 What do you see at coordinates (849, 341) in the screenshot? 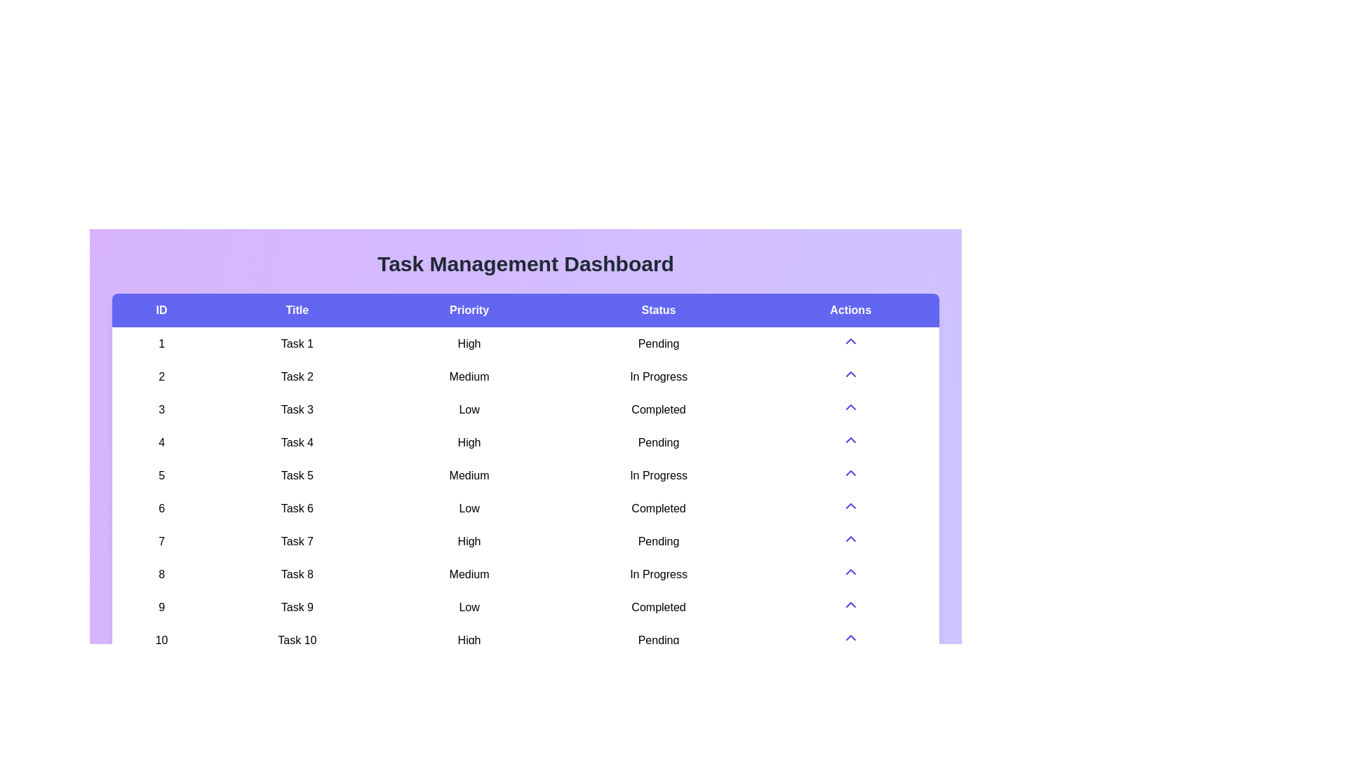
I see `the arrow icon in the 'Actions' column to toggle the visibility of the task details` at bounding box center [849, 341].